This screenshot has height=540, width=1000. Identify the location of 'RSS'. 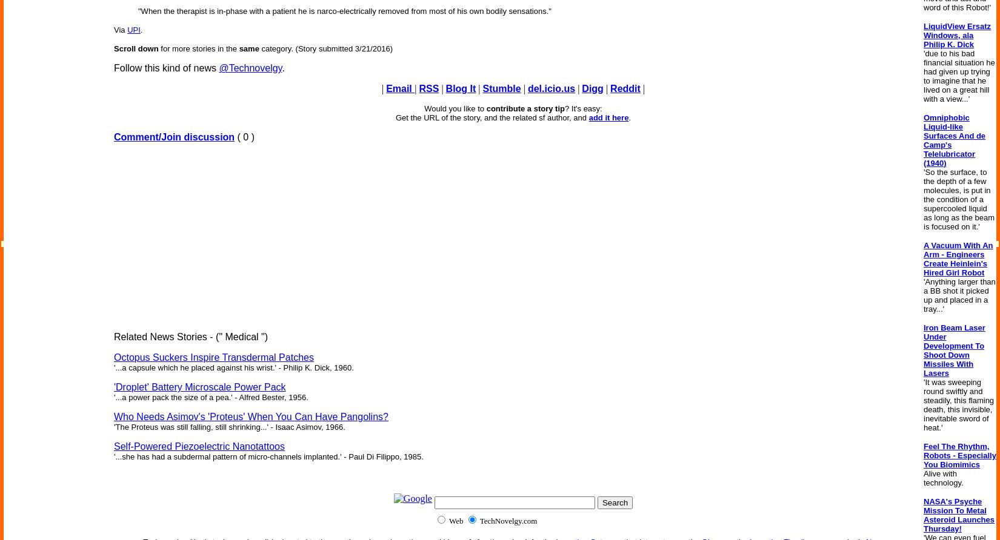
(418, 88).